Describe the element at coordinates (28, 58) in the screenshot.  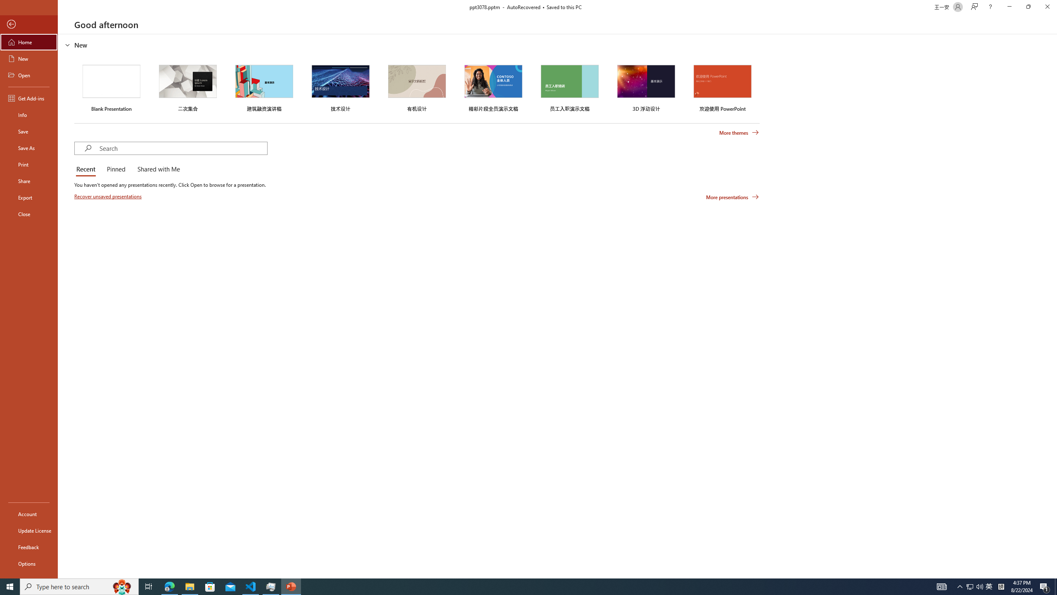
I see `'New'` at that location.